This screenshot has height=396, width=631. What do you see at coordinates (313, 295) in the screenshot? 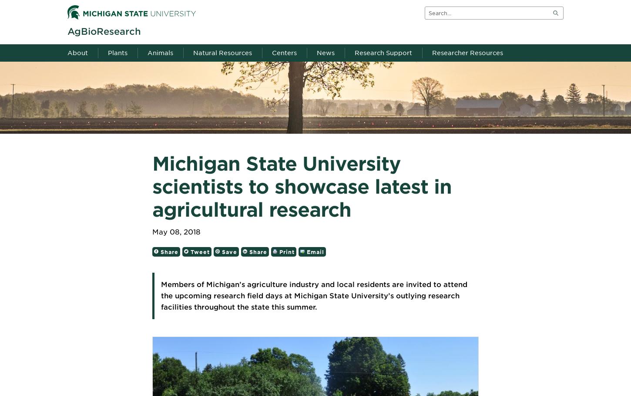
I see `'Members of Michigan’s agriculture industry and local residents are invited to attend the upcoming research field days at Michigan State University’s outlying research facilities throughout the state this summer.'` at bounding box center [313, 295].